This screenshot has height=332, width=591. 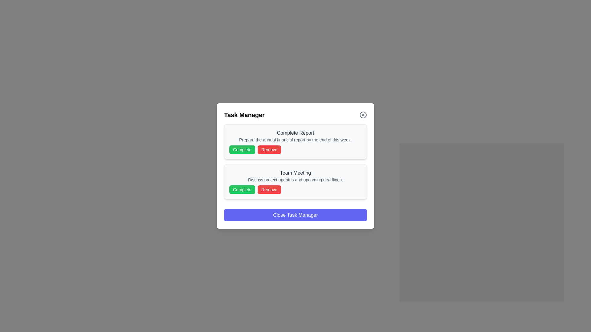 I want to click on the small rectangular button with a vibrant red background and white text labeled 'Remove', located below the 'Task Manager' heading and to the right of the 'Complete' button, so click(x=269, y=149).